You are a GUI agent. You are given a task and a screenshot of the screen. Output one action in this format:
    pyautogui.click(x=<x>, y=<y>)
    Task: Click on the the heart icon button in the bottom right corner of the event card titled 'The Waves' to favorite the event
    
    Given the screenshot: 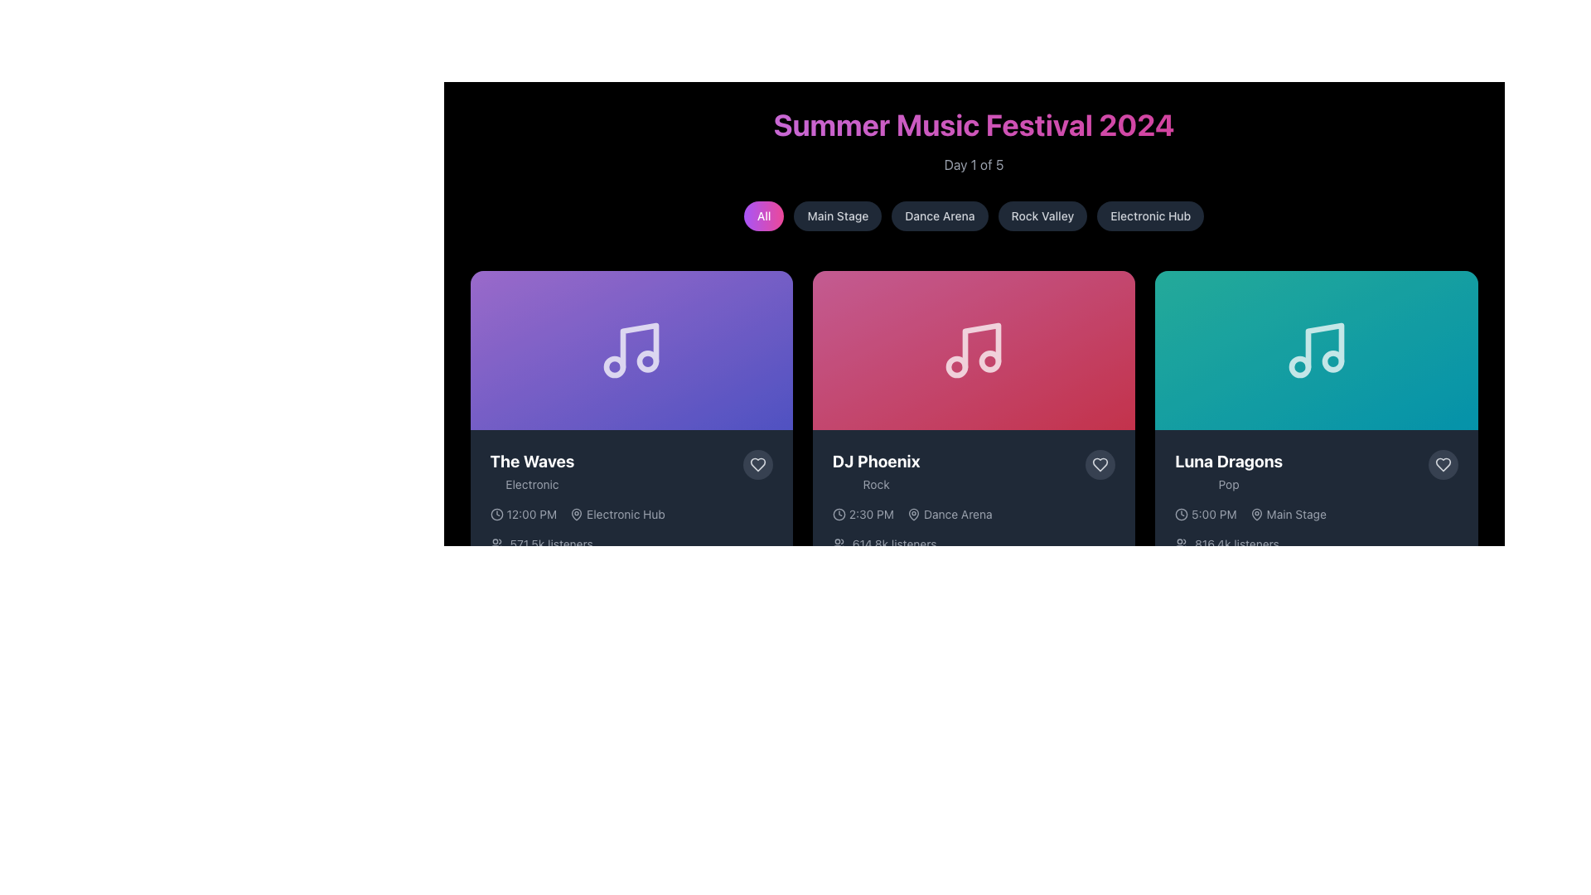 What is the action you would take?
    pyautogui.click(x=757, y=464)
    